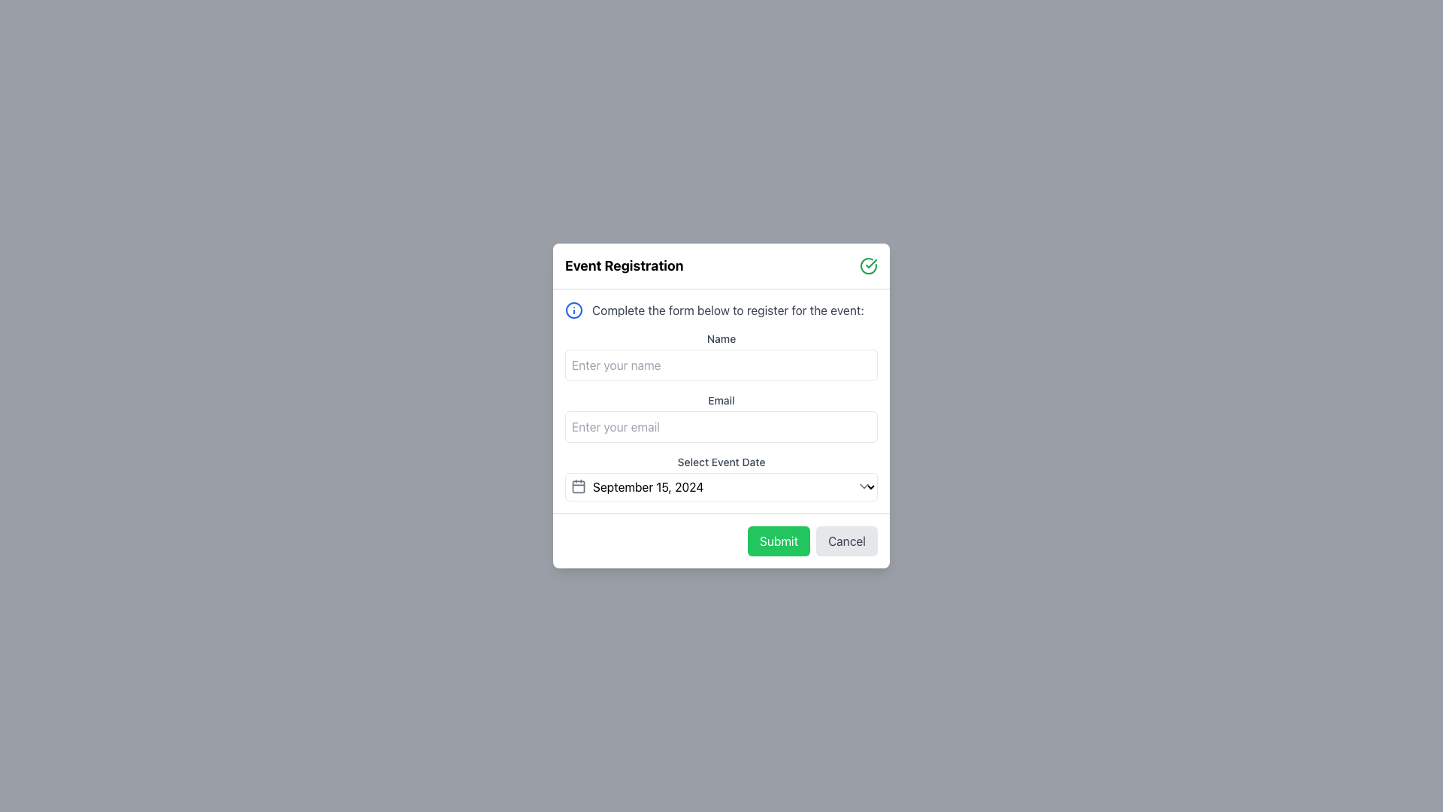 The width and height of the screenshot is (1443, 812). Describe the element at coordinates (721, 309) in the screenshot. I see `the informational header text block for the 'Event Registration' form` at that location.